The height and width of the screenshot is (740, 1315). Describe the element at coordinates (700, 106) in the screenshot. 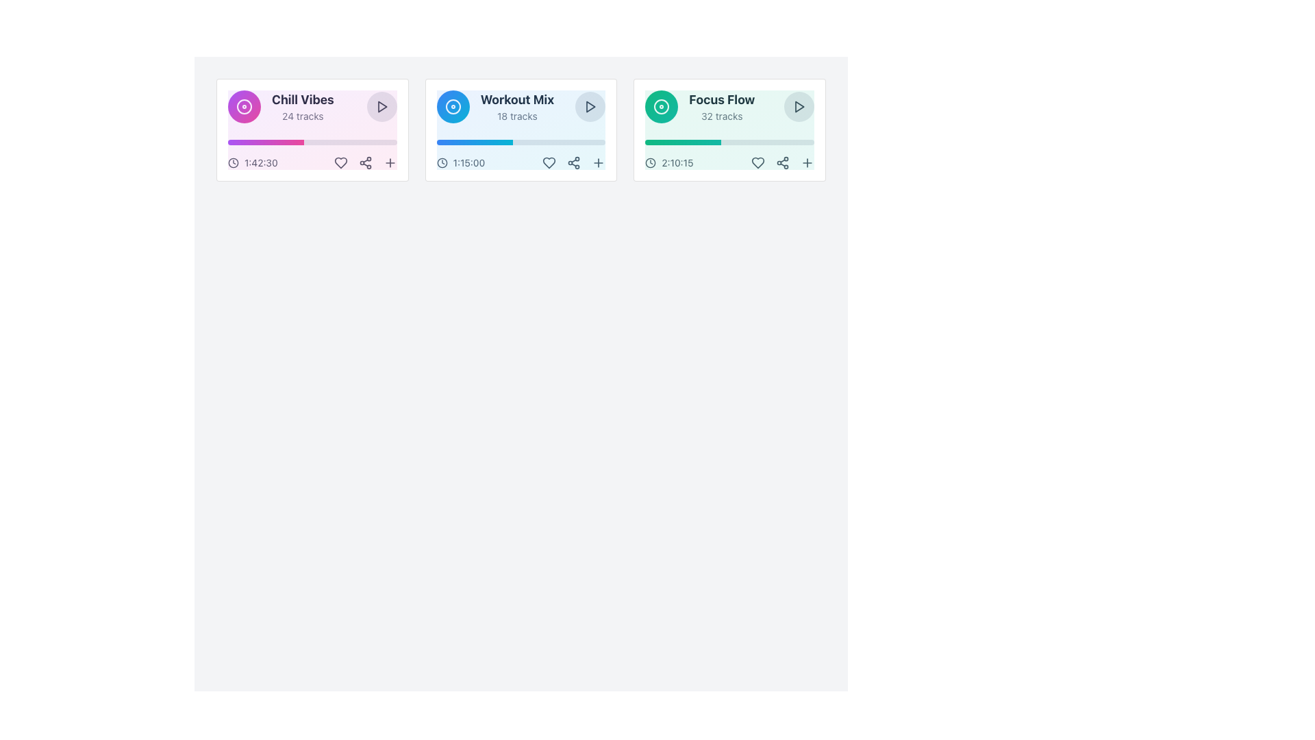

I see `the 'Focus Flow' playlist label, which displays 32 tracks and is the third item in a row of similar components` at that location.